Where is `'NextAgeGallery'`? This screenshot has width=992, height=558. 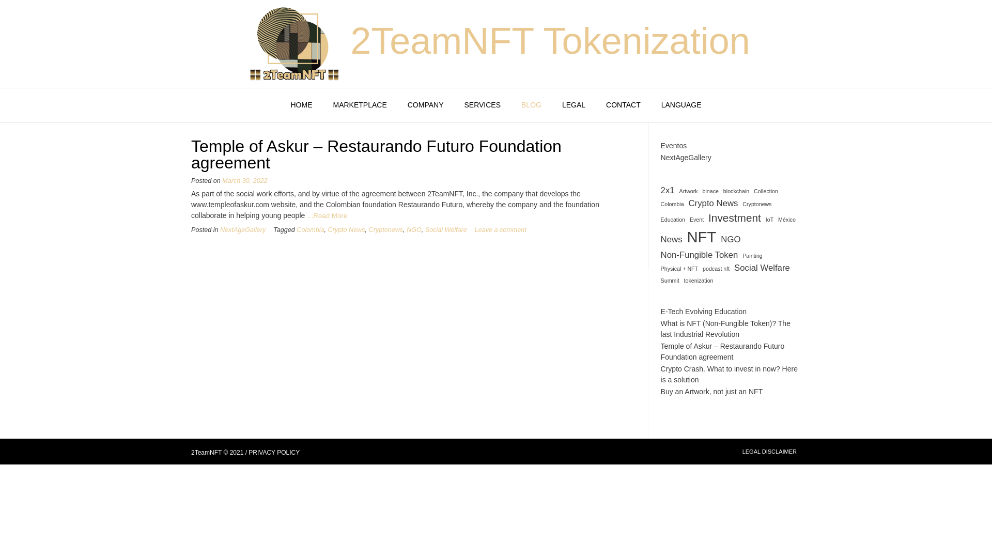
'NextAgeGallery' is located at coordinates (242, 229).